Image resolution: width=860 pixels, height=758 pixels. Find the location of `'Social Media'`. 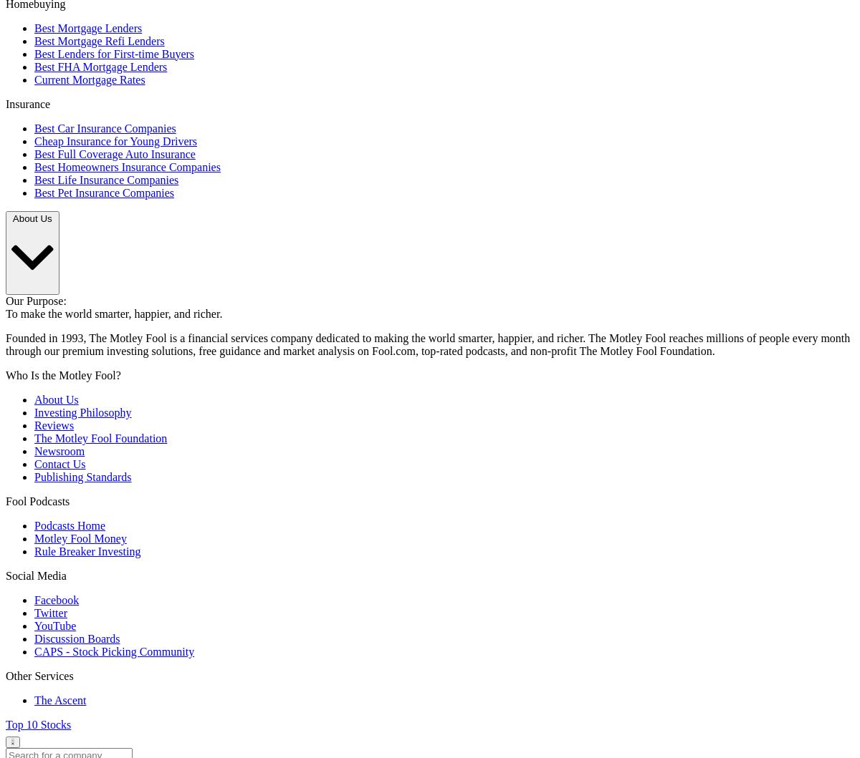

'Social Media' is located at coordinates (36, 575).